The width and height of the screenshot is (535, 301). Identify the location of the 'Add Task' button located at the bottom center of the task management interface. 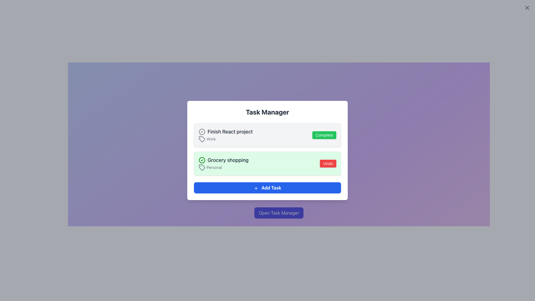
(267, 188).